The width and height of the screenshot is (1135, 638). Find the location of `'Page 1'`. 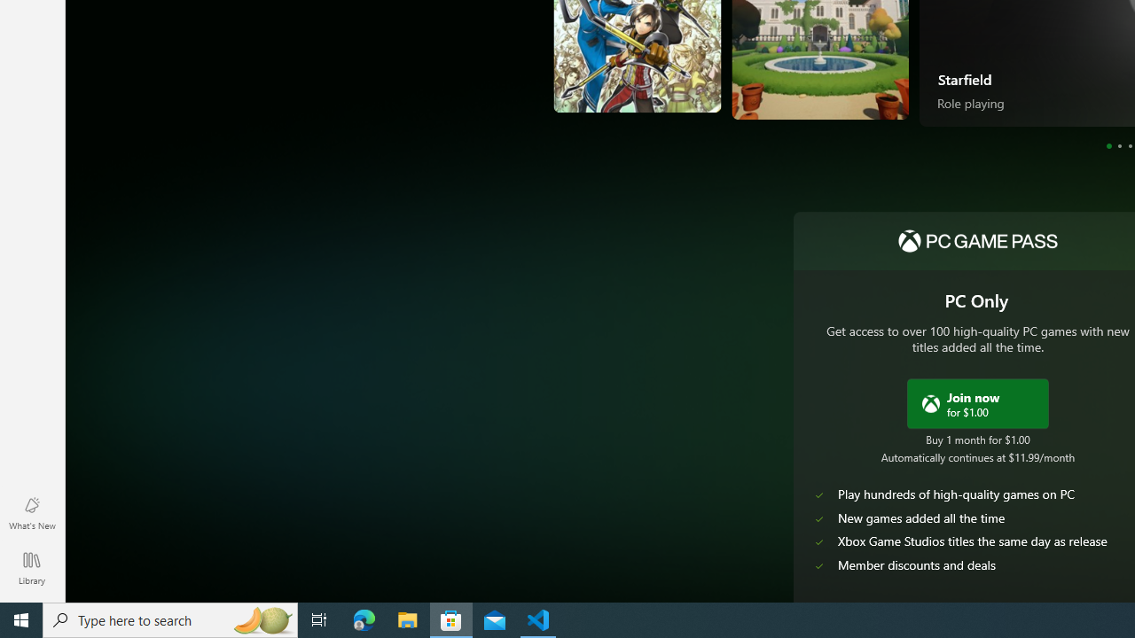

'Page 1' is located at coordinates (1108, 144).